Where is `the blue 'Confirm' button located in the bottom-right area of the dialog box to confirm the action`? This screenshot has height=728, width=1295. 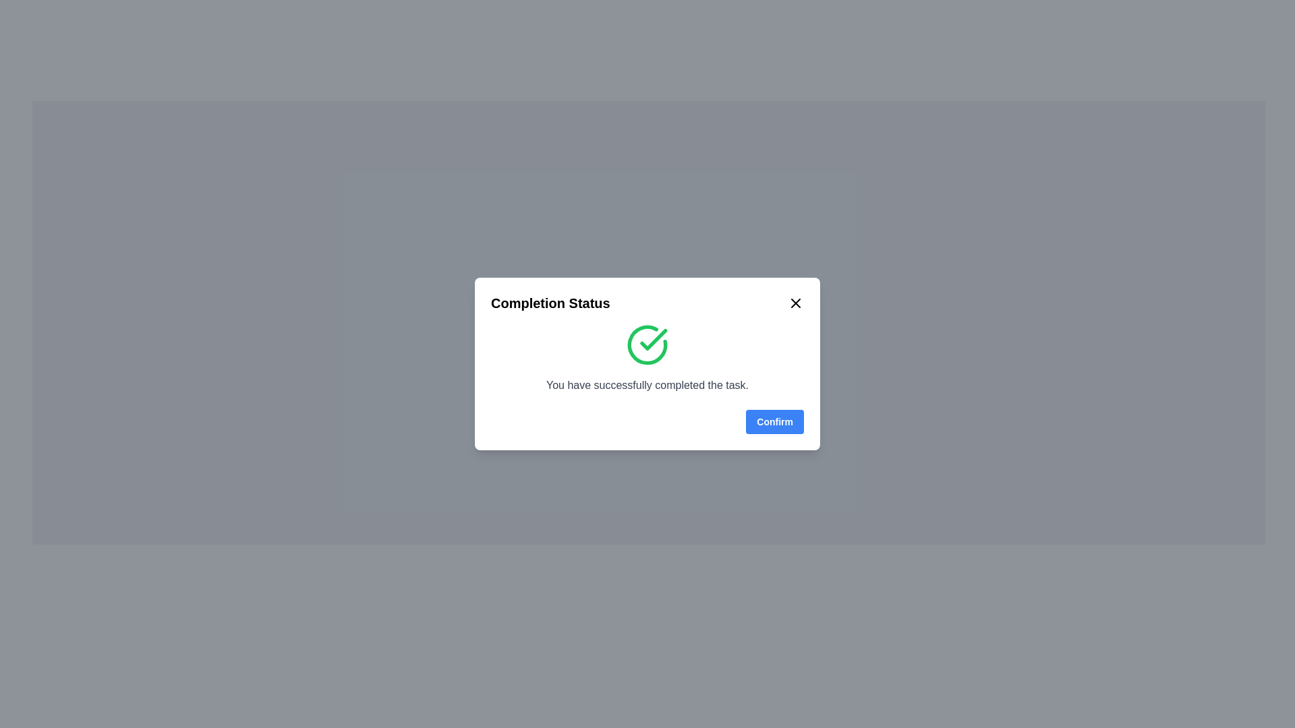 the blue 'Confirm' button located in the bottom-right area of the dialog box to confirm the action is located at coordinates (775, 421).